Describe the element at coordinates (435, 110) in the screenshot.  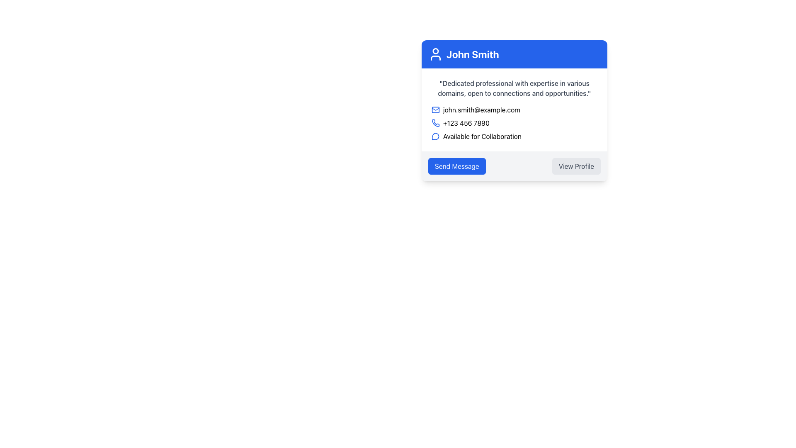
I see `the email address icon located to the left of 'john.smith@example.com' to visually indicate its purpose` at that location.